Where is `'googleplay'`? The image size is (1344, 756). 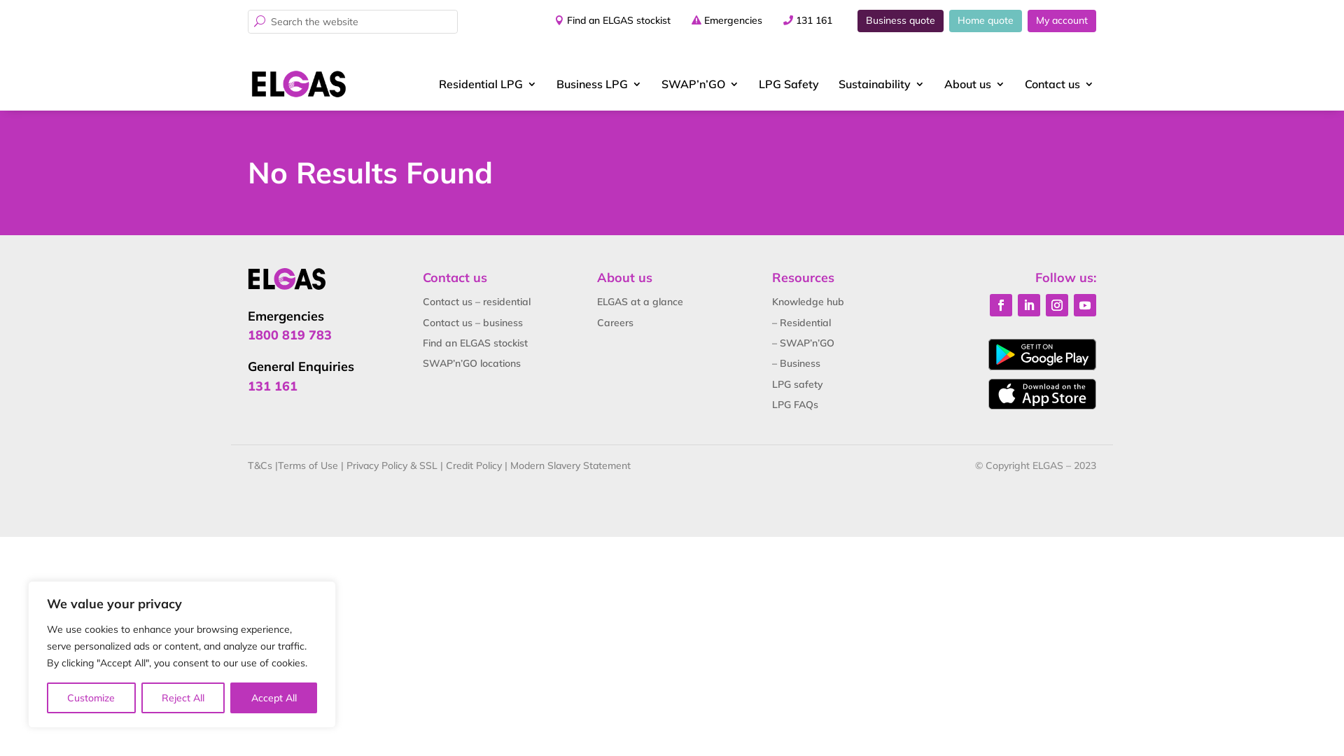 'googleplay' is located at coordinates (1042, 353).